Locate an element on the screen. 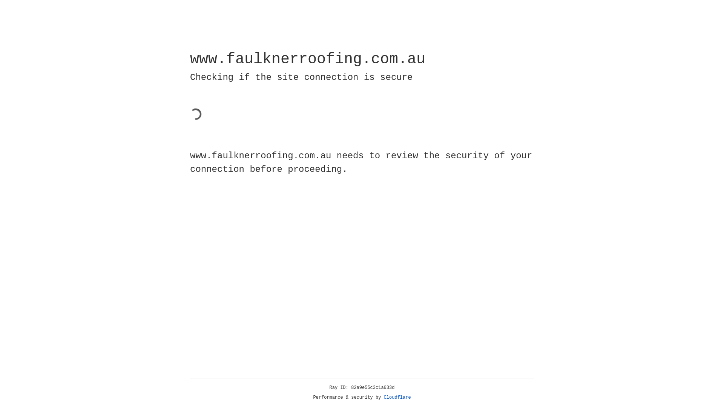  'Cloudflare' is located at coordinates (397, 397).